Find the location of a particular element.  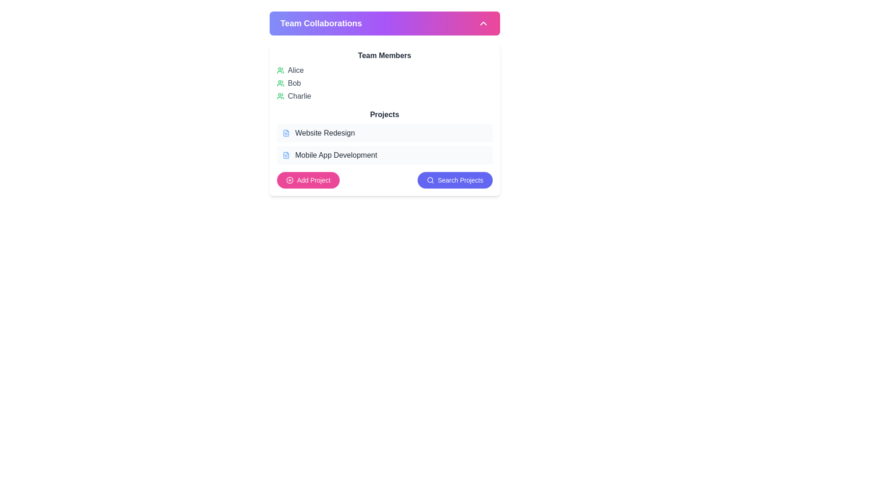

the Text Label that serves as a section header for team members, located under 'Team Collaborations' is located at coordinates (384, 55).